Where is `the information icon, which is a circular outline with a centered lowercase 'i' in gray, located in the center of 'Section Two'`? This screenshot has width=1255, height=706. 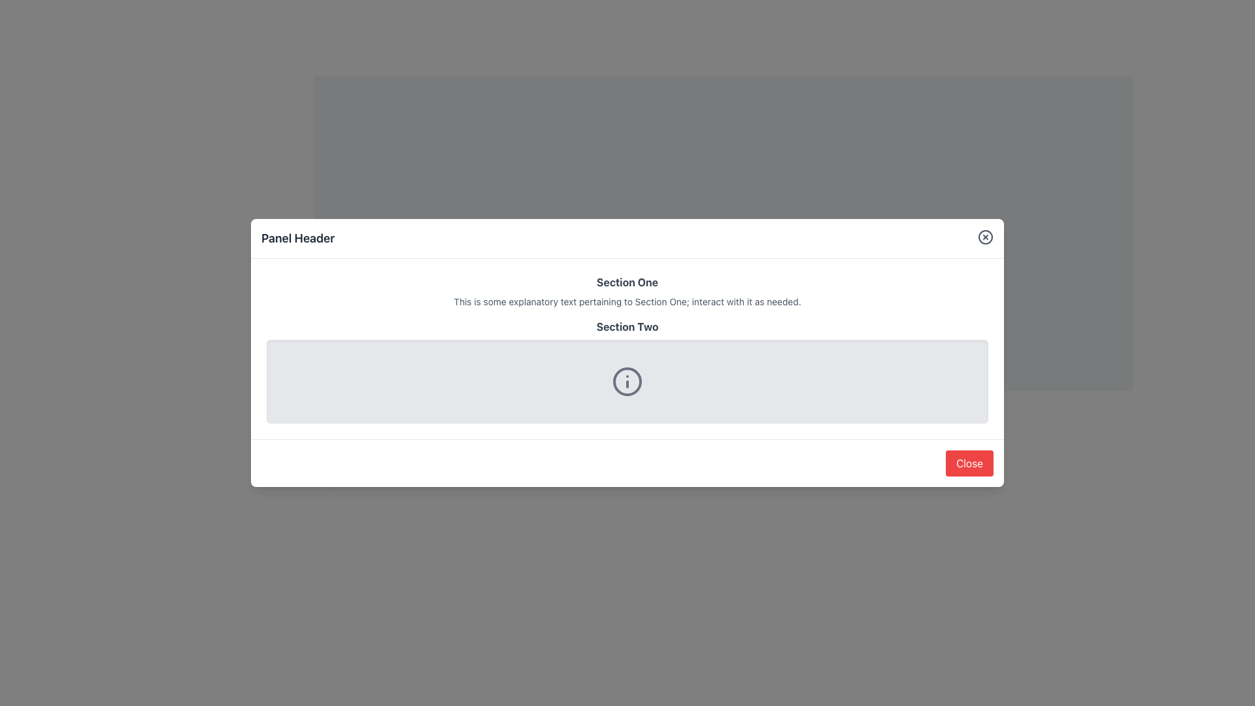
the information icon, which is a circular outline with a centered lowercase 'i' in gray, located in the center of 'Section Two' is located at coordinates (627, 381).